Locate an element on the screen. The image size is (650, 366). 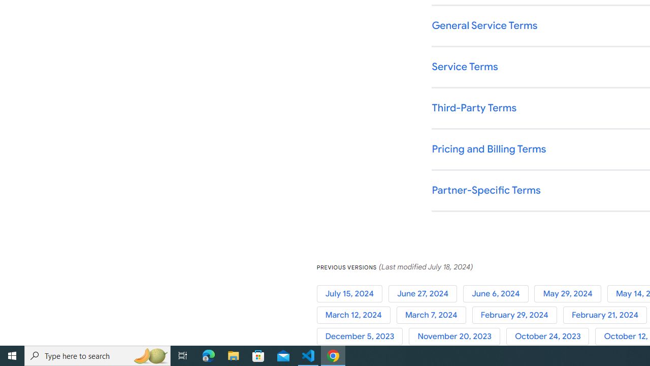
'December 5, 2023' is located at coordinates (363, 337).